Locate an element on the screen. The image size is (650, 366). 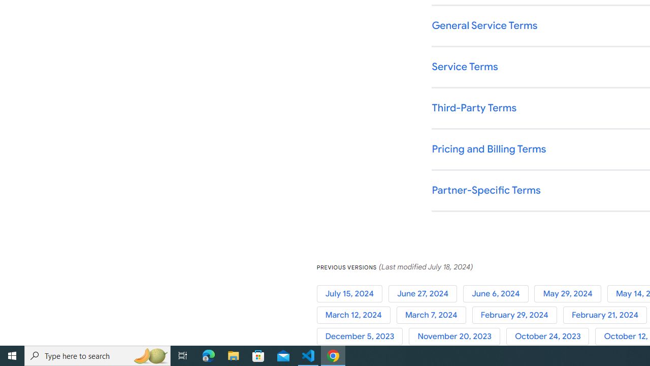
'December 5, 2023' is located at coordinates (363, 337).